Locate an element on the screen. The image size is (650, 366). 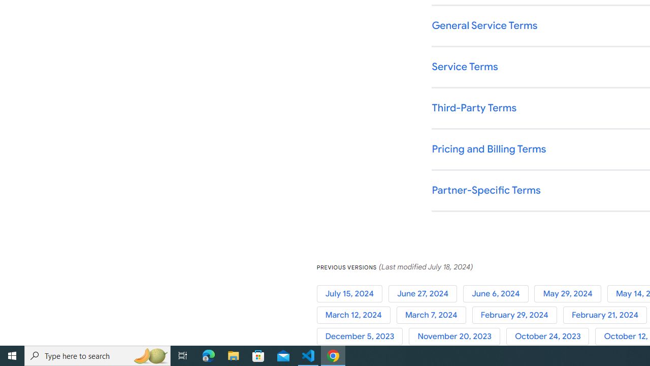
'December 5, 2023' is located at coordinates (363, 337).